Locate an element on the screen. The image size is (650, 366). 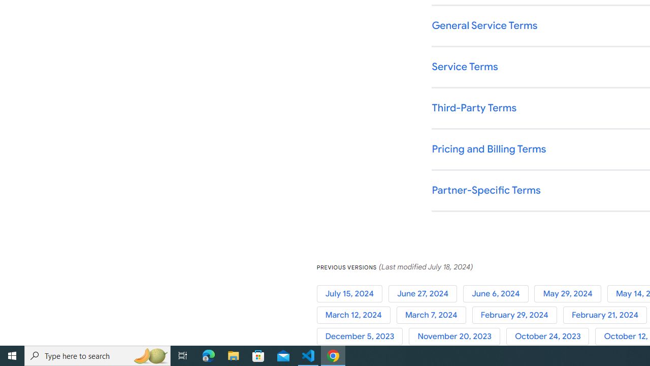
'December 5, 2023' is located at coordinates (363, 337).